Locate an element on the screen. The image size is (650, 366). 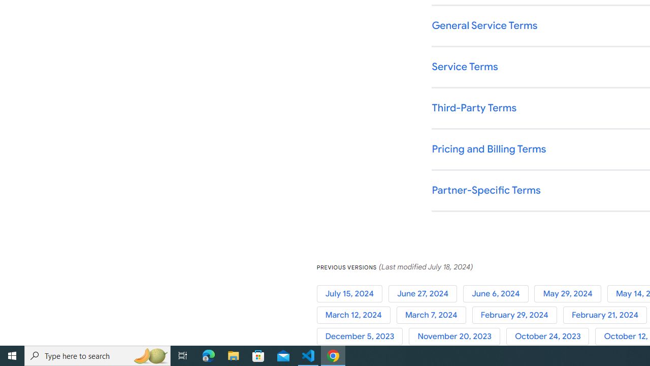
'December 5, 2023' is located at coordinates (363, 337).